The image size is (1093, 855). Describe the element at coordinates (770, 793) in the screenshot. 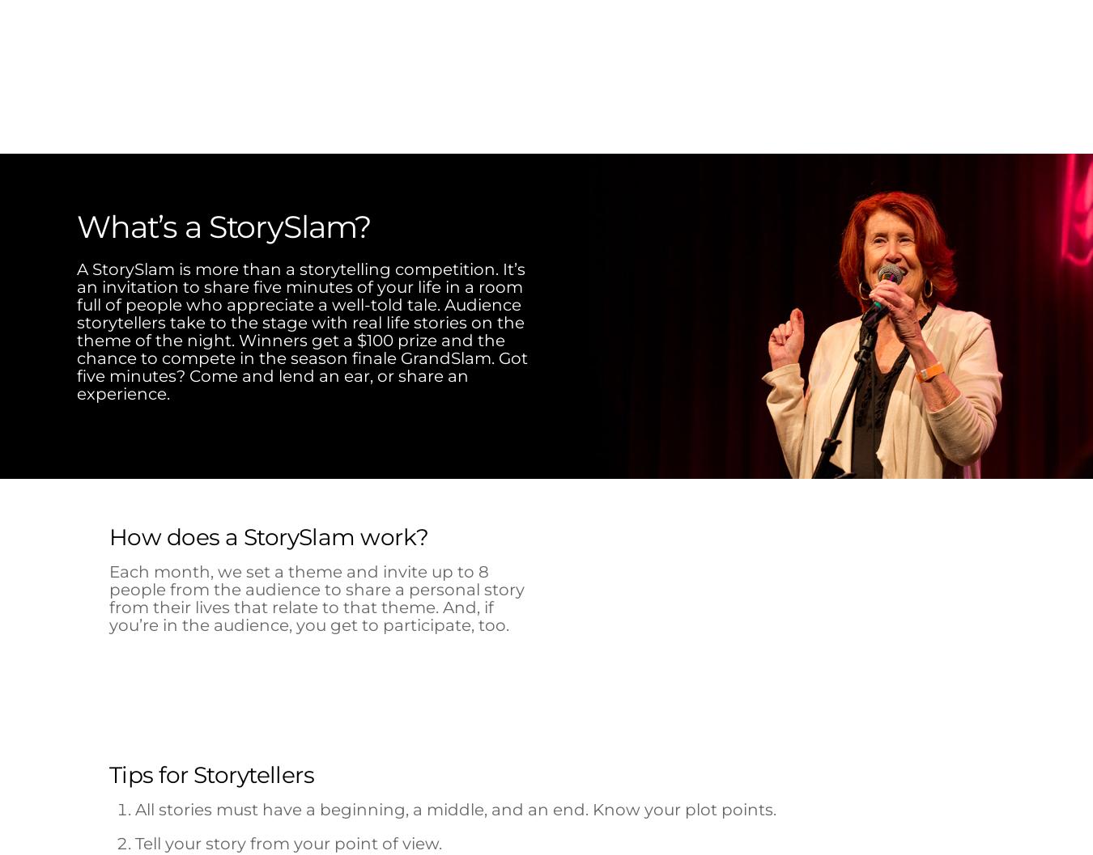

I see `'AUDIENCE FAVORITE'` at that location.